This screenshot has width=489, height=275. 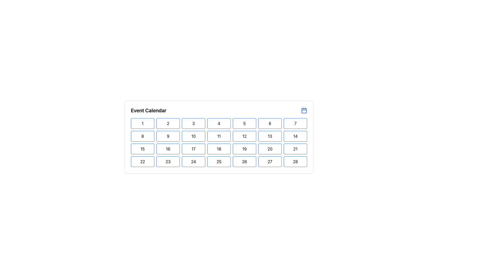 What do you see at coordinates (143, 123) in the screenshot?
I see `the first day button of the interactive calendar UI` at bounding box center [143, 123].